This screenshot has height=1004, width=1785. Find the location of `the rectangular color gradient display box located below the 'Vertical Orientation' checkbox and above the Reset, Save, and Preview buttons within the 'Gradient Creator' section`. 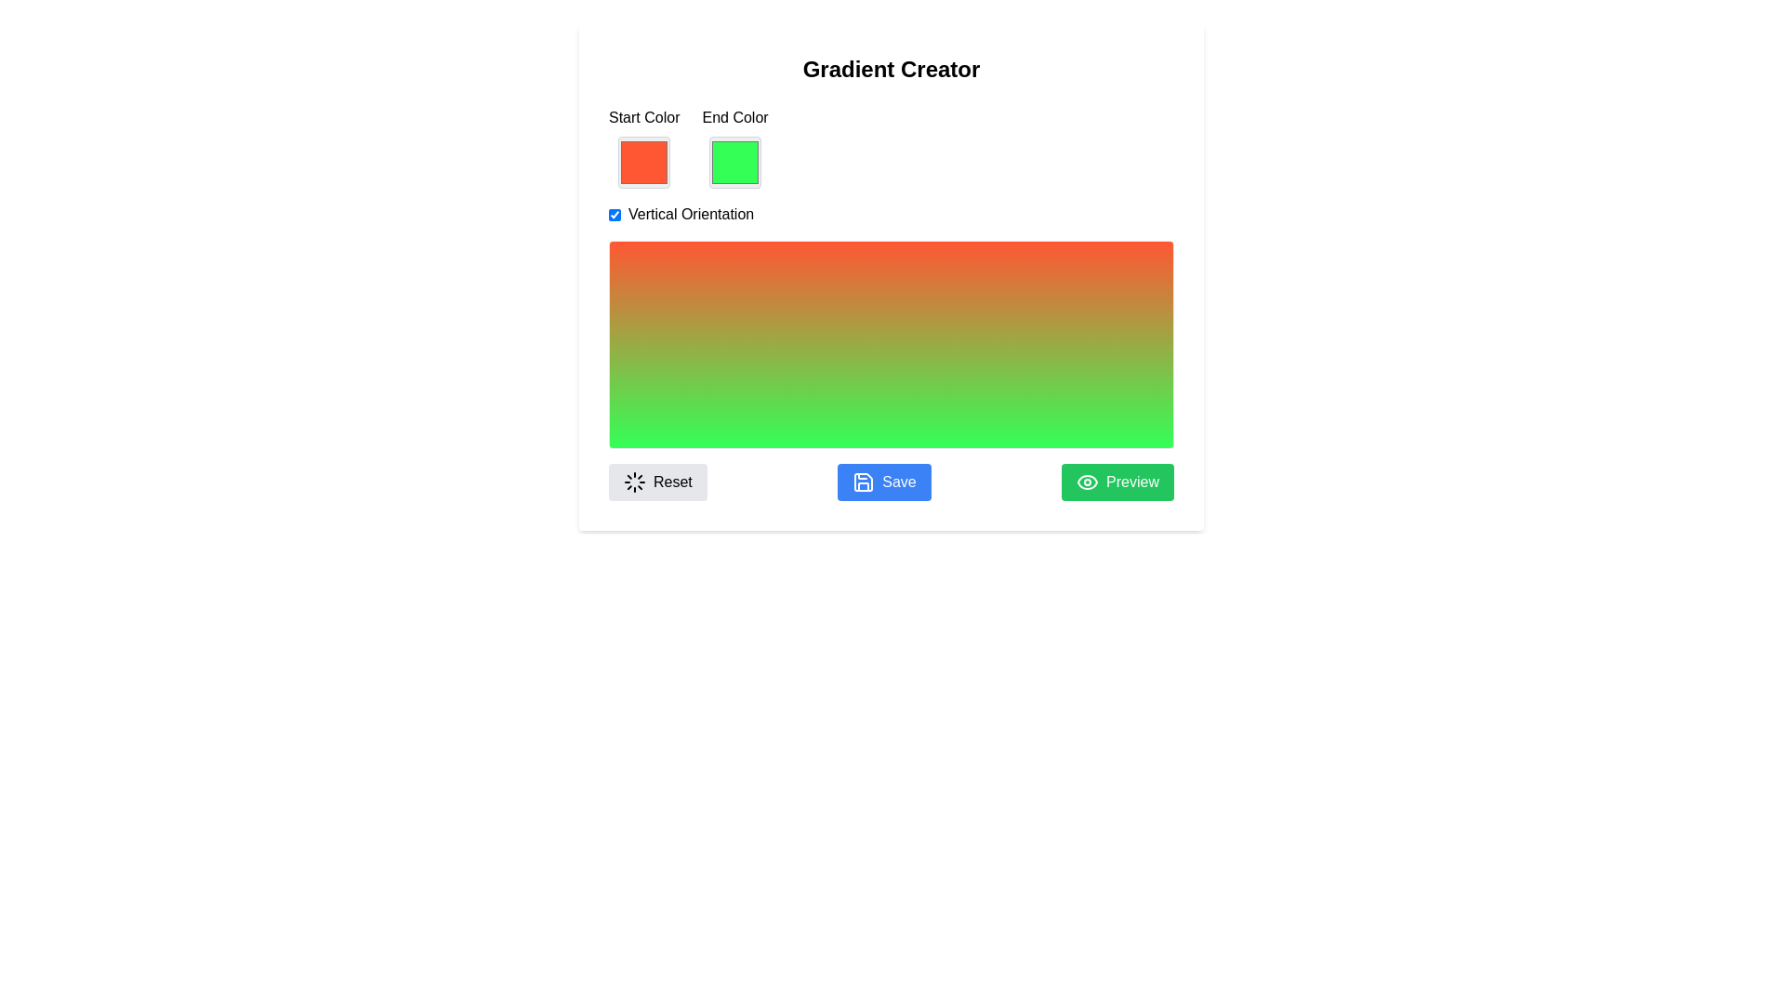

the rectangular color gradient display box located below the 'Vertical Orientation' checkbox and above the Reset, Save, and Preview buttons within the 'Gradient Creator' section is located at coordinates (891, 303).